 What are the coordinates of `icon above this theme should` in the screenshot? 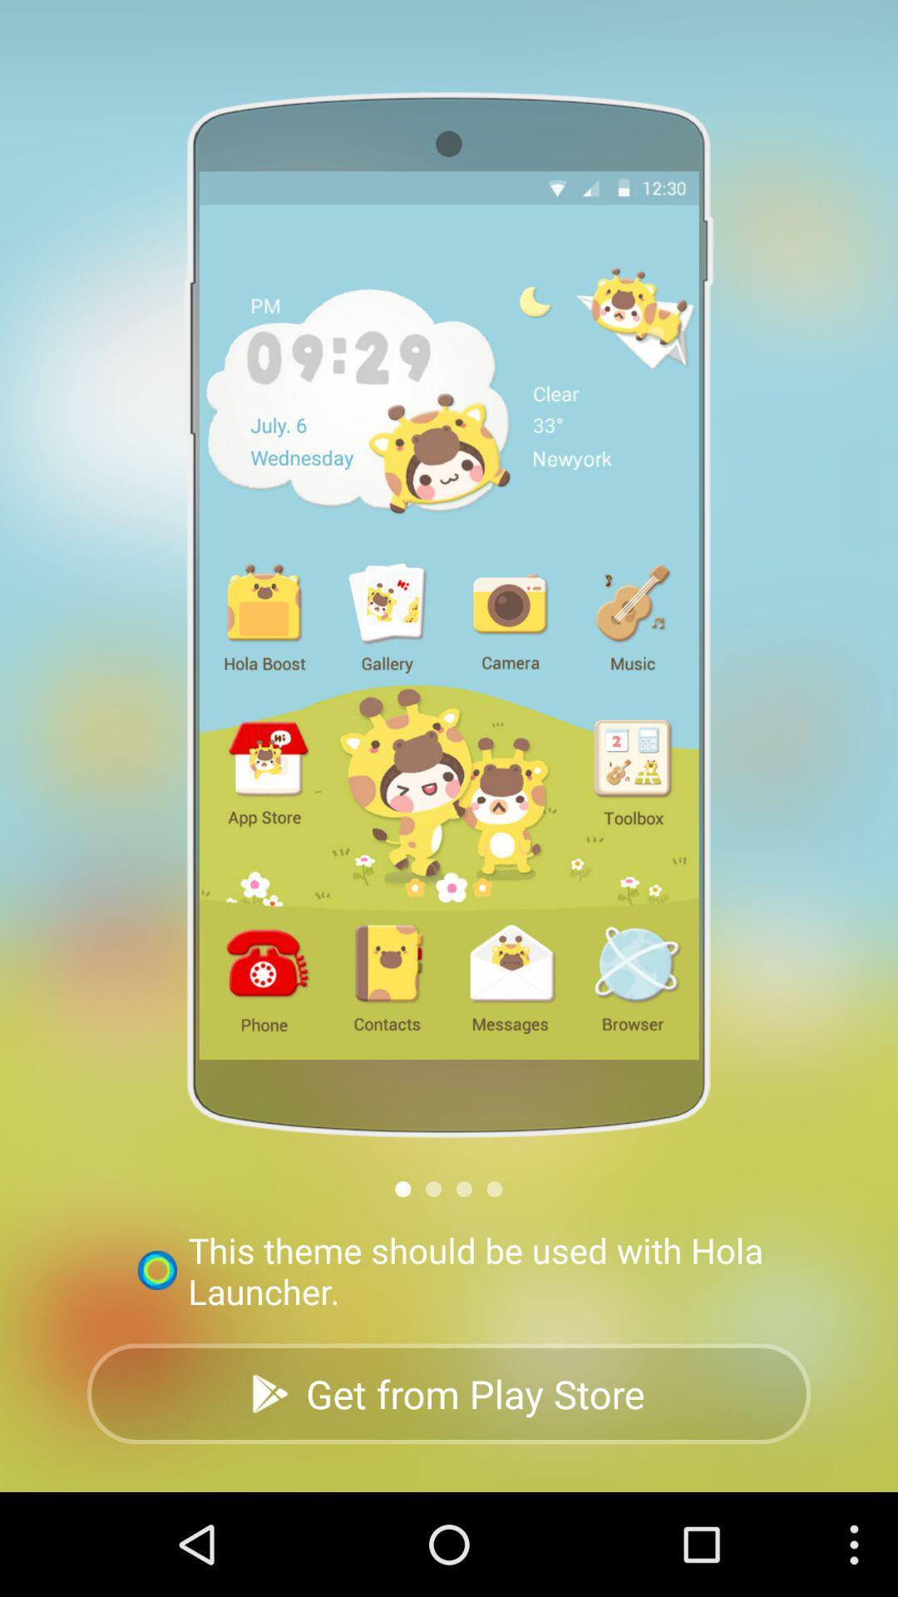 It's located at (494, 1188).